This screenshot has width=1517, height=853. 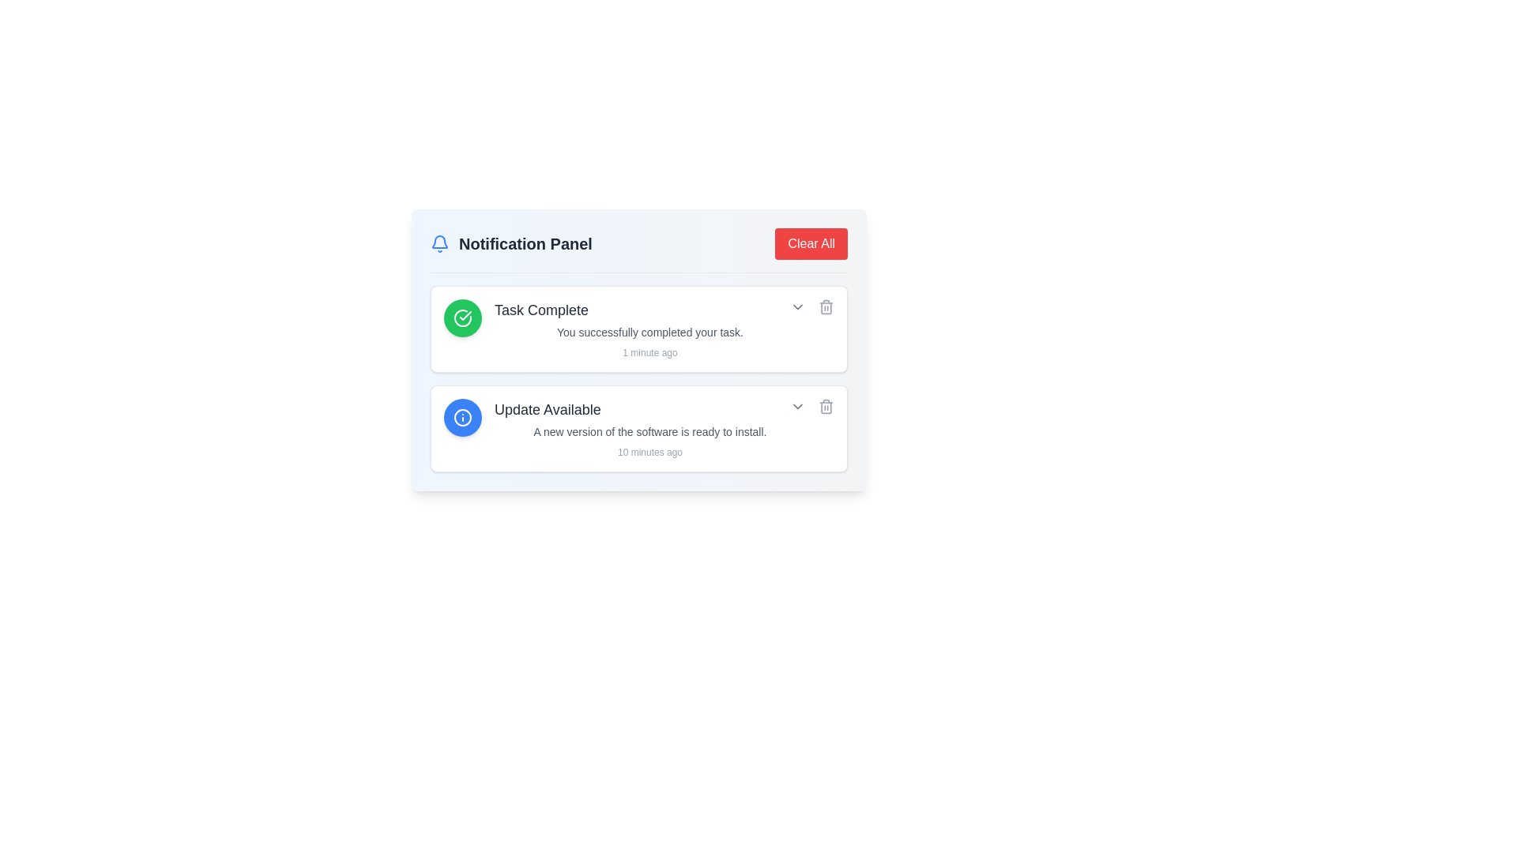 What do you see at coordinates (639, 378) in the screenshot?
I see `the Notification Card that informs the user about the availability of a software update, which is the second item in a vertical stack of notifications` at bounding box center [639, 378].